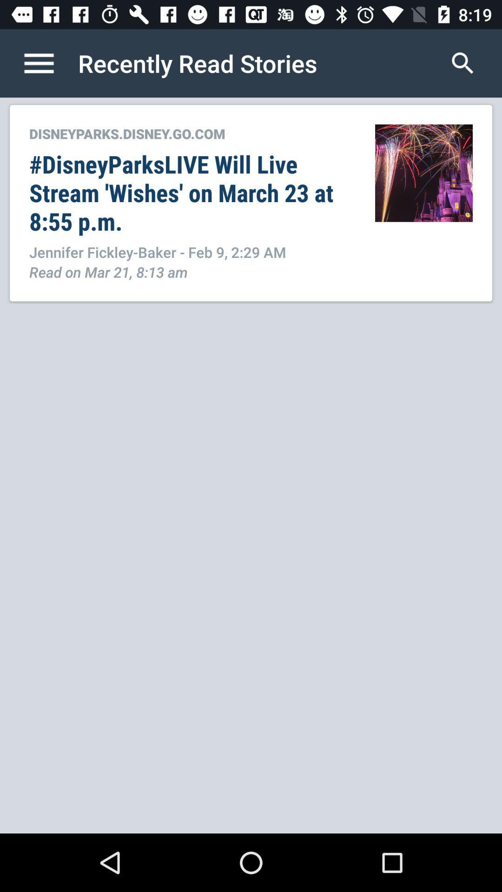  I want to click on the icon above the disneyparkslive will live item, so click(192, 133).